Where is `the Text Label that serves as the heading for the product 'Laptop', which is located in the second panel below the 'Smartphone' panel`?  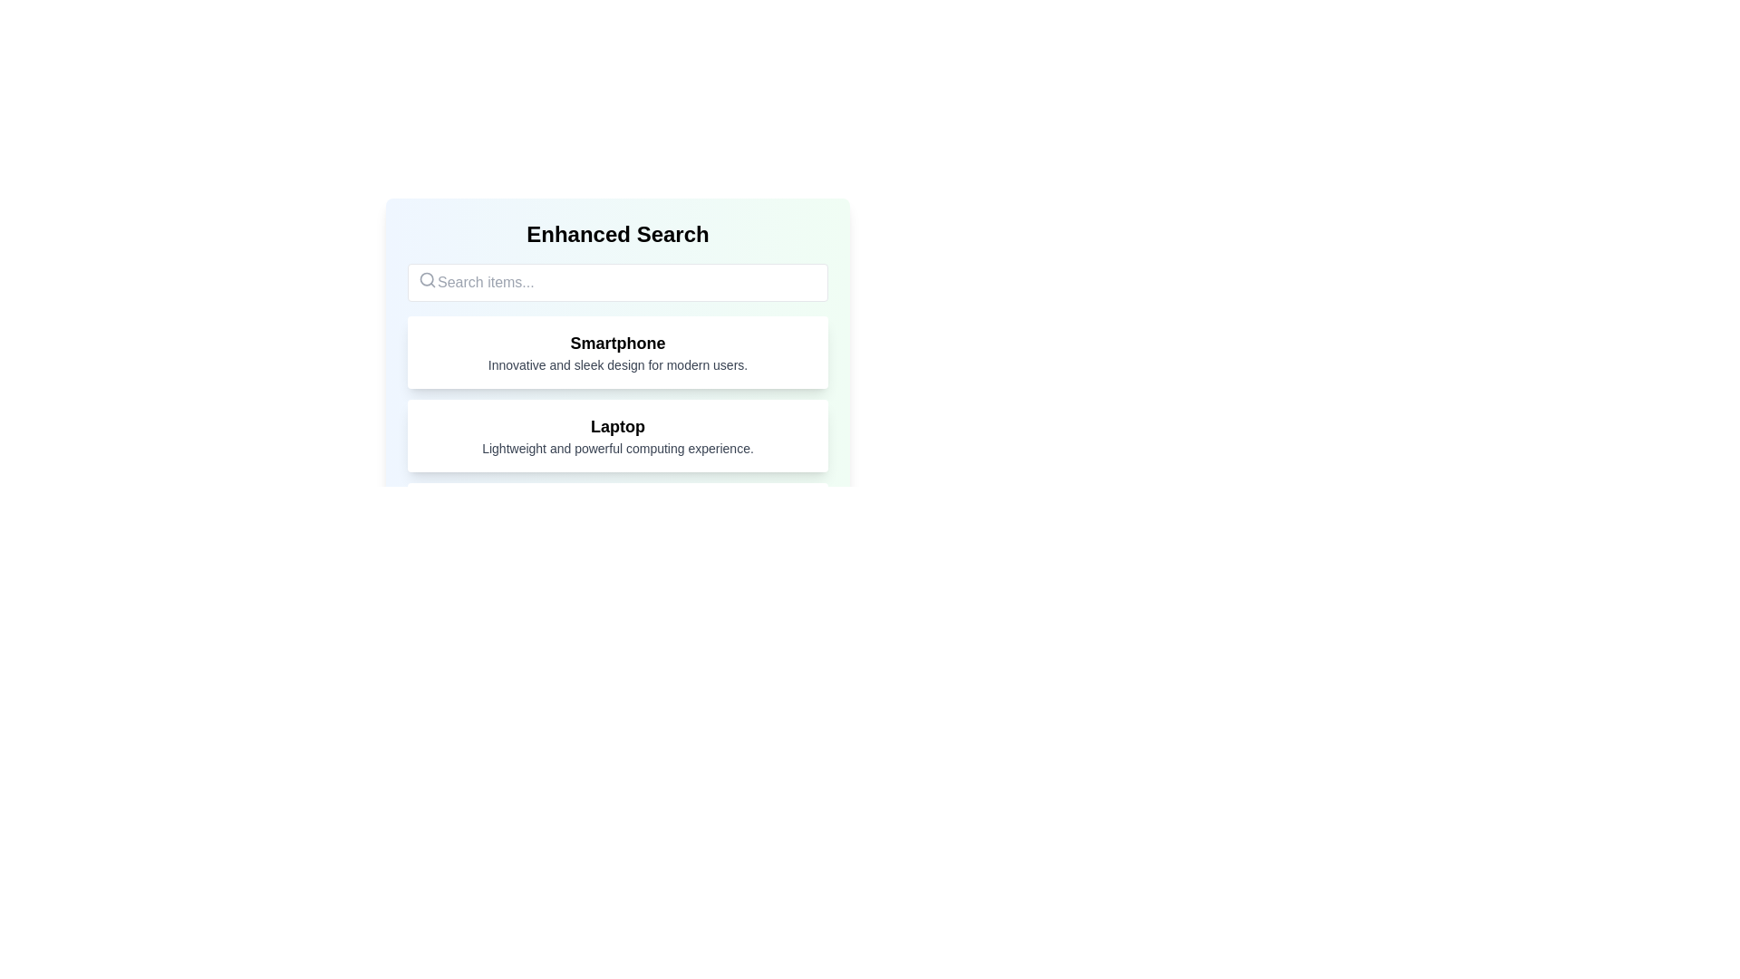 the Text Label that serves as the heading for the product 'Laptop', which is located in the second panel below the 'Smartphone' panel is located at coordinates (617, 426).